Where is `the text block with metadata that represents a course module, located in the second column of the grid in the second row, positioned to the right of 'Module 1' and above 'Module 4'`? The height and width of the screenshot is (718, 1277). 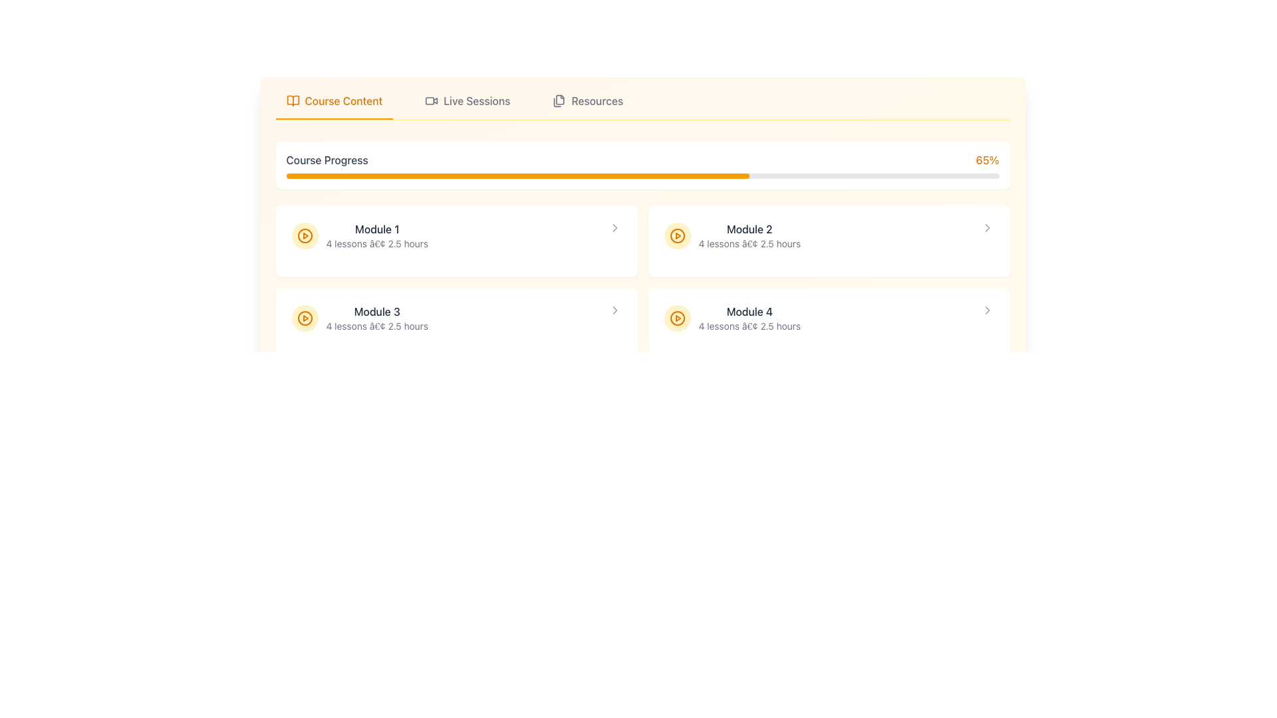
the text block with metadata that represents a course module, located in the second column of the grid in the second row, positioned to the right of 'Module 1' and above 'Module 4' is located at coordinates (732, 235).